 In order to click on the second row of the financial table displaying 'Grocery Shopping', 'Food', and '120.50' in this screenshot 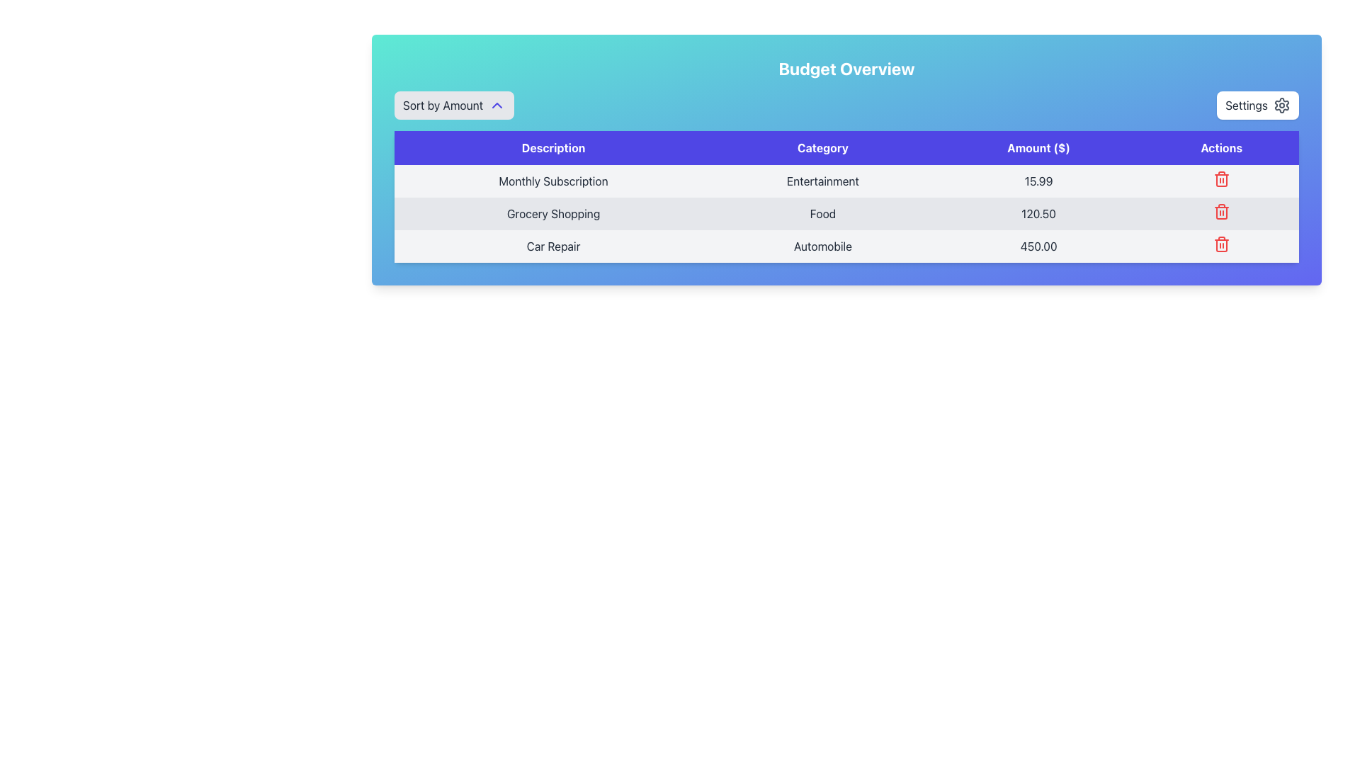, I will do `click(846, 213)`.